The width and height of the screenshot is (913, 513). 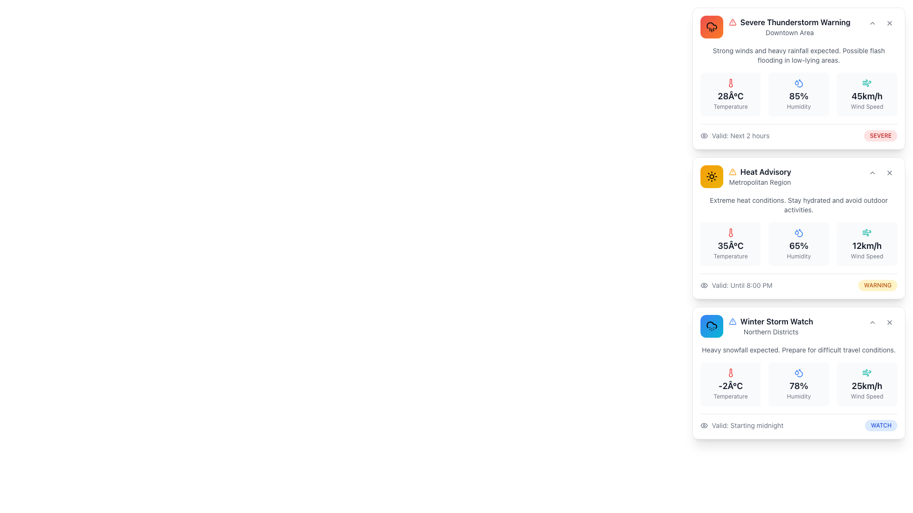 What do you see at coordinates (712, 176) in the screenshot?
I see `the sun icon representing a heat advisory, located in the middle card element near the top-left corner` at bounding box center [712, 176].